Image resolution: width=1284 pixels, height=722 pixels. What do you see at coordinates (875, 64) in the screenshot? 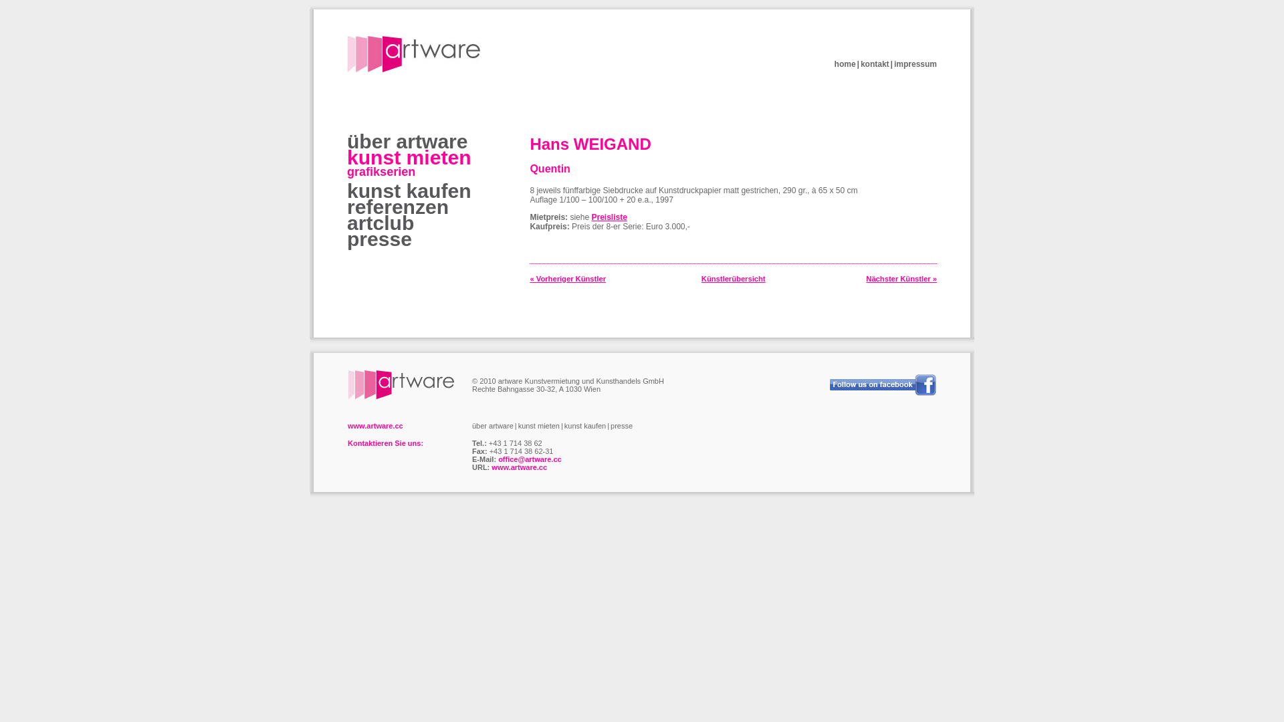
I see `'kontakt'` at bounding box center [875, 64].